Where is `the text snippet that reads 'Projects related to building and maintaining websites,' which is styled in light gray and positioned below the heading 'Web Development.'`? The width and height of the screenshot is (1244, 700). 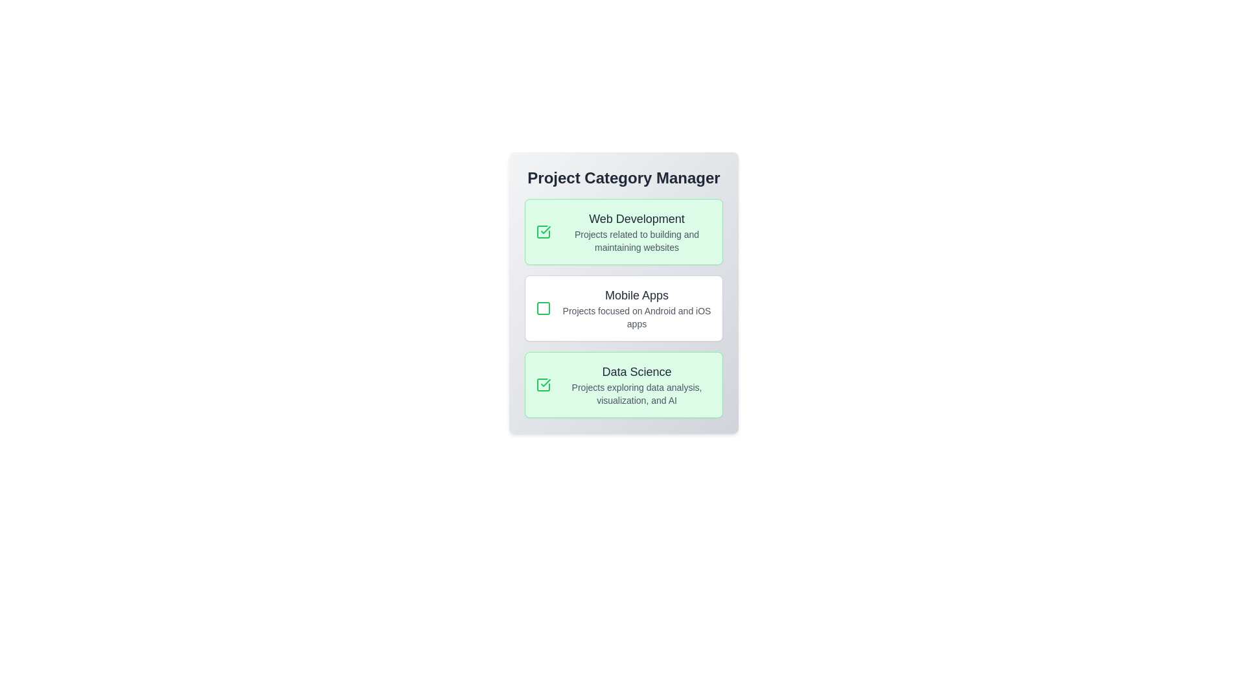 the text snippet that reads 'Projects related to building and maintaining websites,' which is styled in light gray and positioned below the heading 'Web Development.' is located at coordinates (637, 240).